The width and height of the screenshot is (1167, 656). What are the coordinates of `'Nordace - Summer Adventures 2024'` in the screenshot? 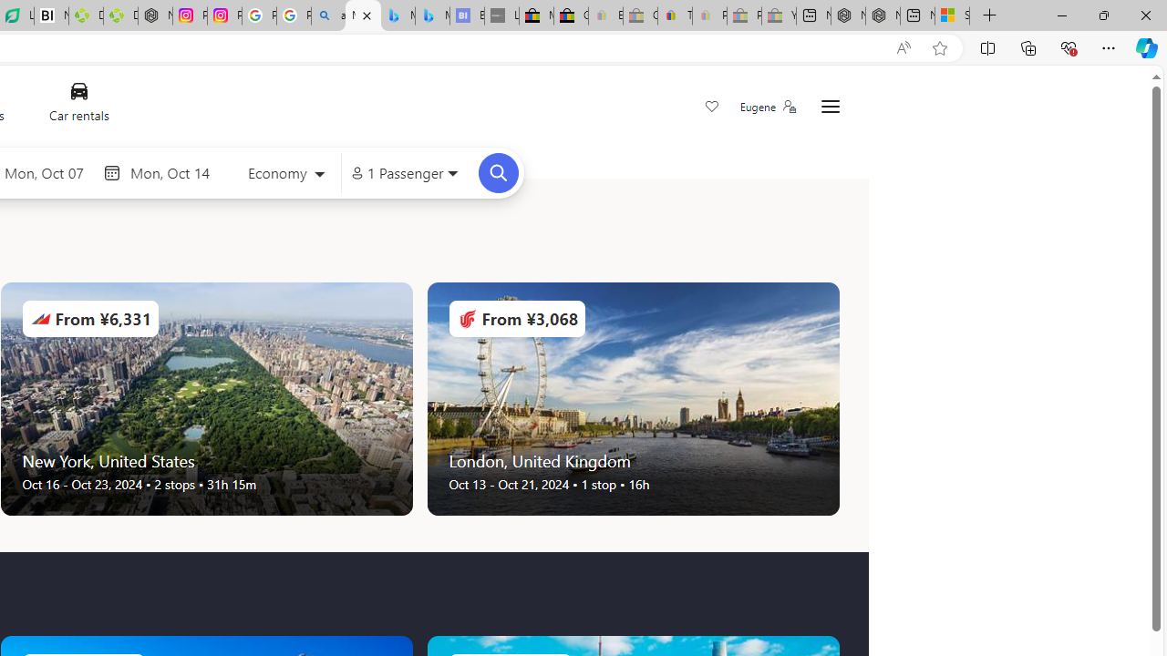 It's located at (883, 15).